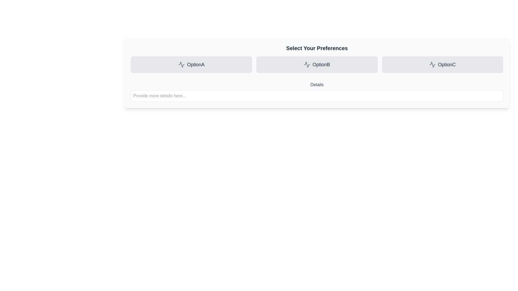  Describe the element at coordinates (182, 64) in the screenshot. I see `the SVG Icon that decorates the OptionA button, located near the left center of the button in the 'Select Your Preferences' horizontal selection bar` at that location.